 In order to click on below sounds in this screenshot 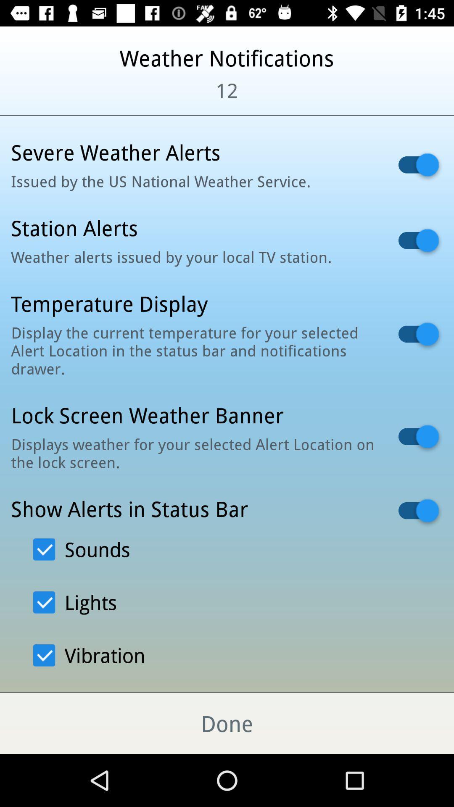, I will do `click(74, 602)`.